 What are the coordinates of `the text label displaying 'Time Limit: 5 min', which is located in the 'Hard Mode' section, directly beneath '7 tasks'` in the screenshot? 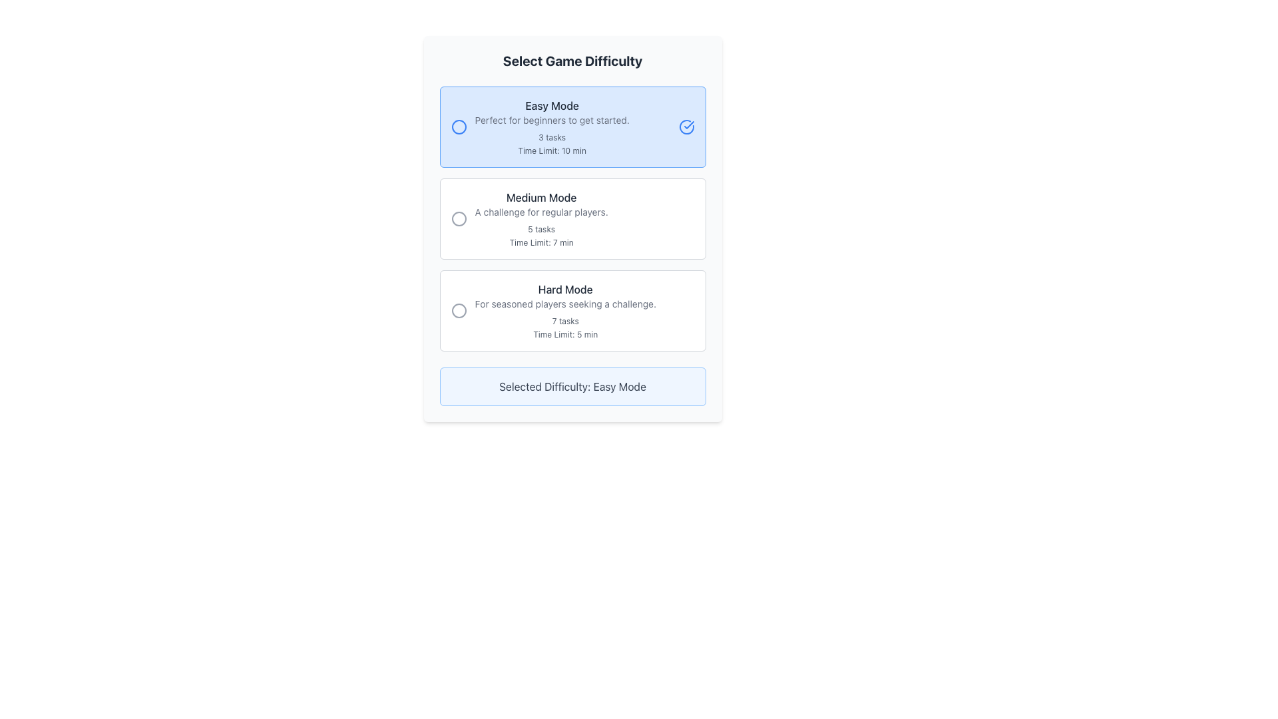 It's located at (565, 334).